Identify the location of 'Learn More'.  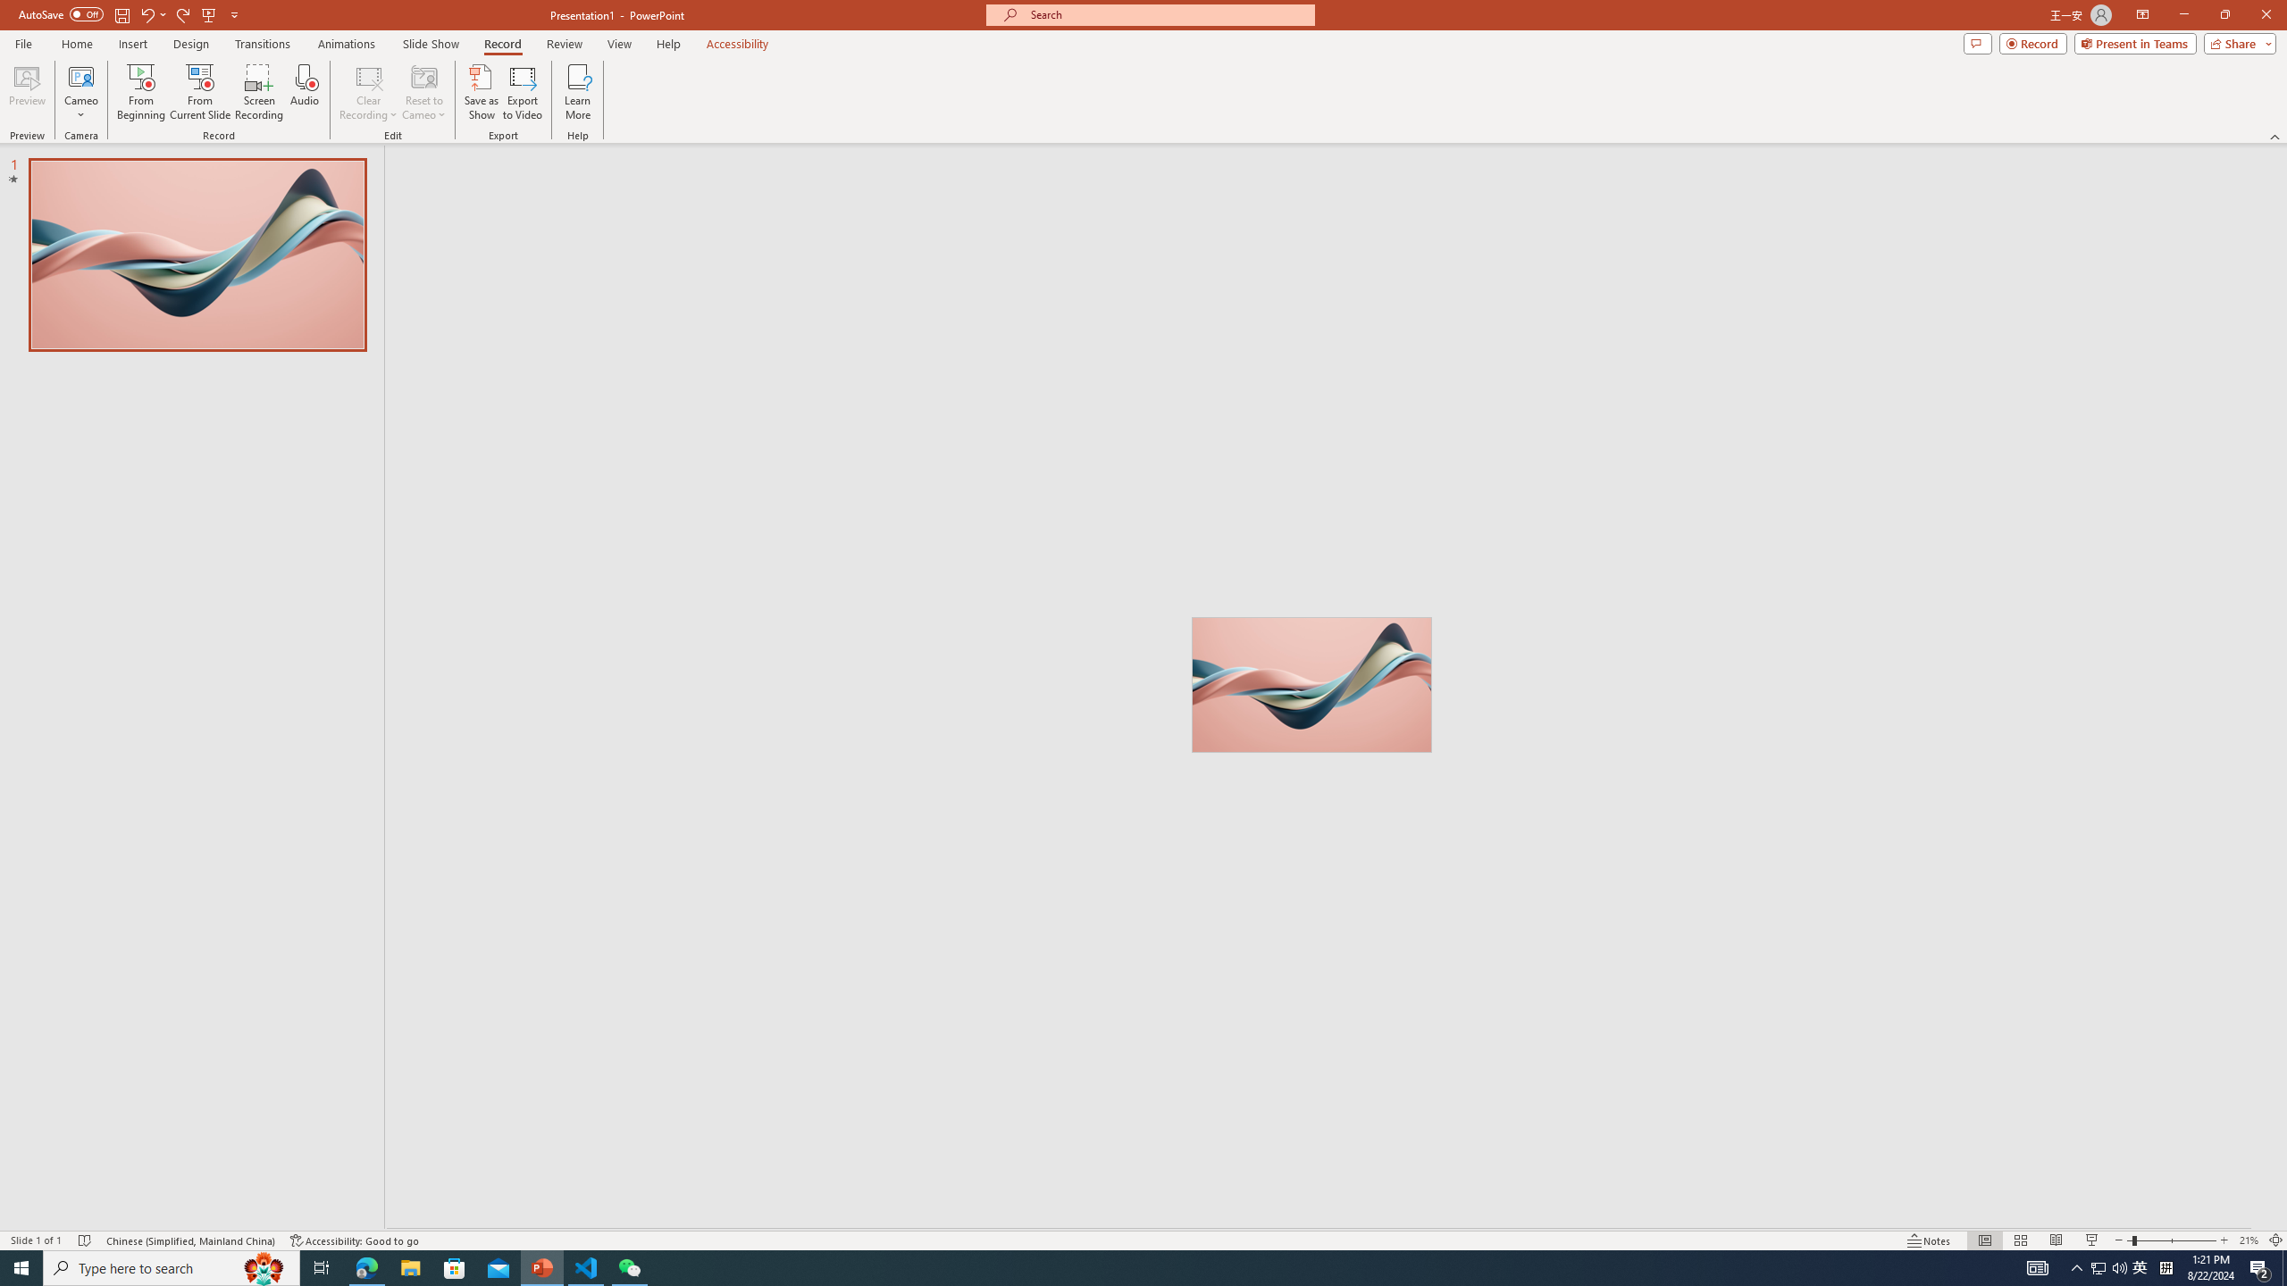
(578, 92).